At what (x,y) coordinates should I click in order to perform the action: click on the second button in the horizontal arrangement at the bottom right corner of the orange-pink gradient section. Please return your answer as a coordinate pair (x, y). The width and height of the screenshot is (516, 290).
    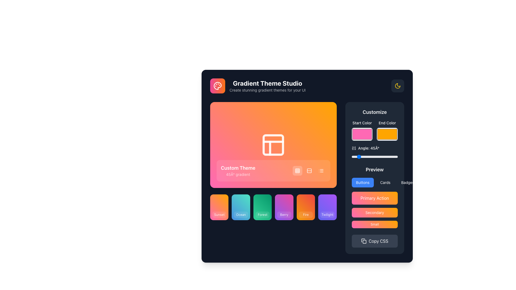
    Looking at the image, I should click on (309, 171).